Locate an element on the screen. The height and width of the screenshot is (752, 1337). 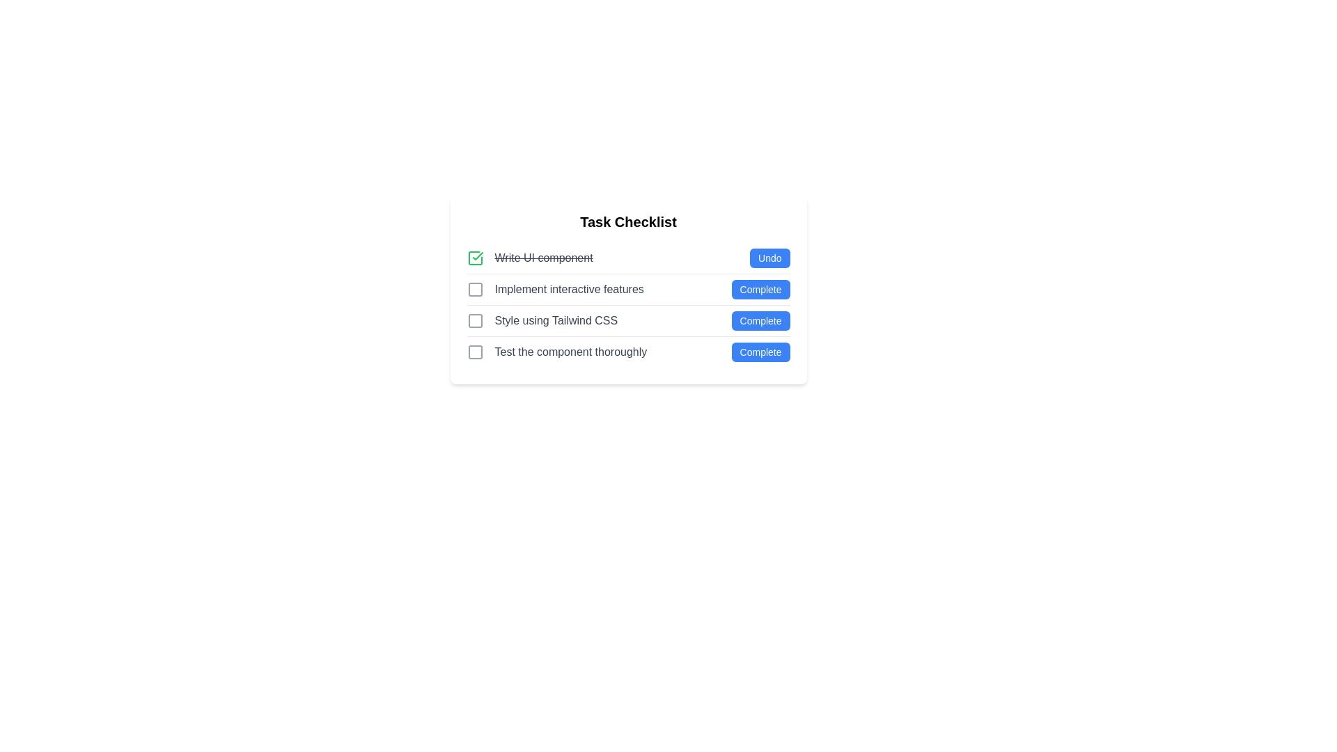
the state of the small rounded square icon indicating the checklist item aligned to the left of the text 'Style using Tailwind CSS' is located at coordinates (475, 321).